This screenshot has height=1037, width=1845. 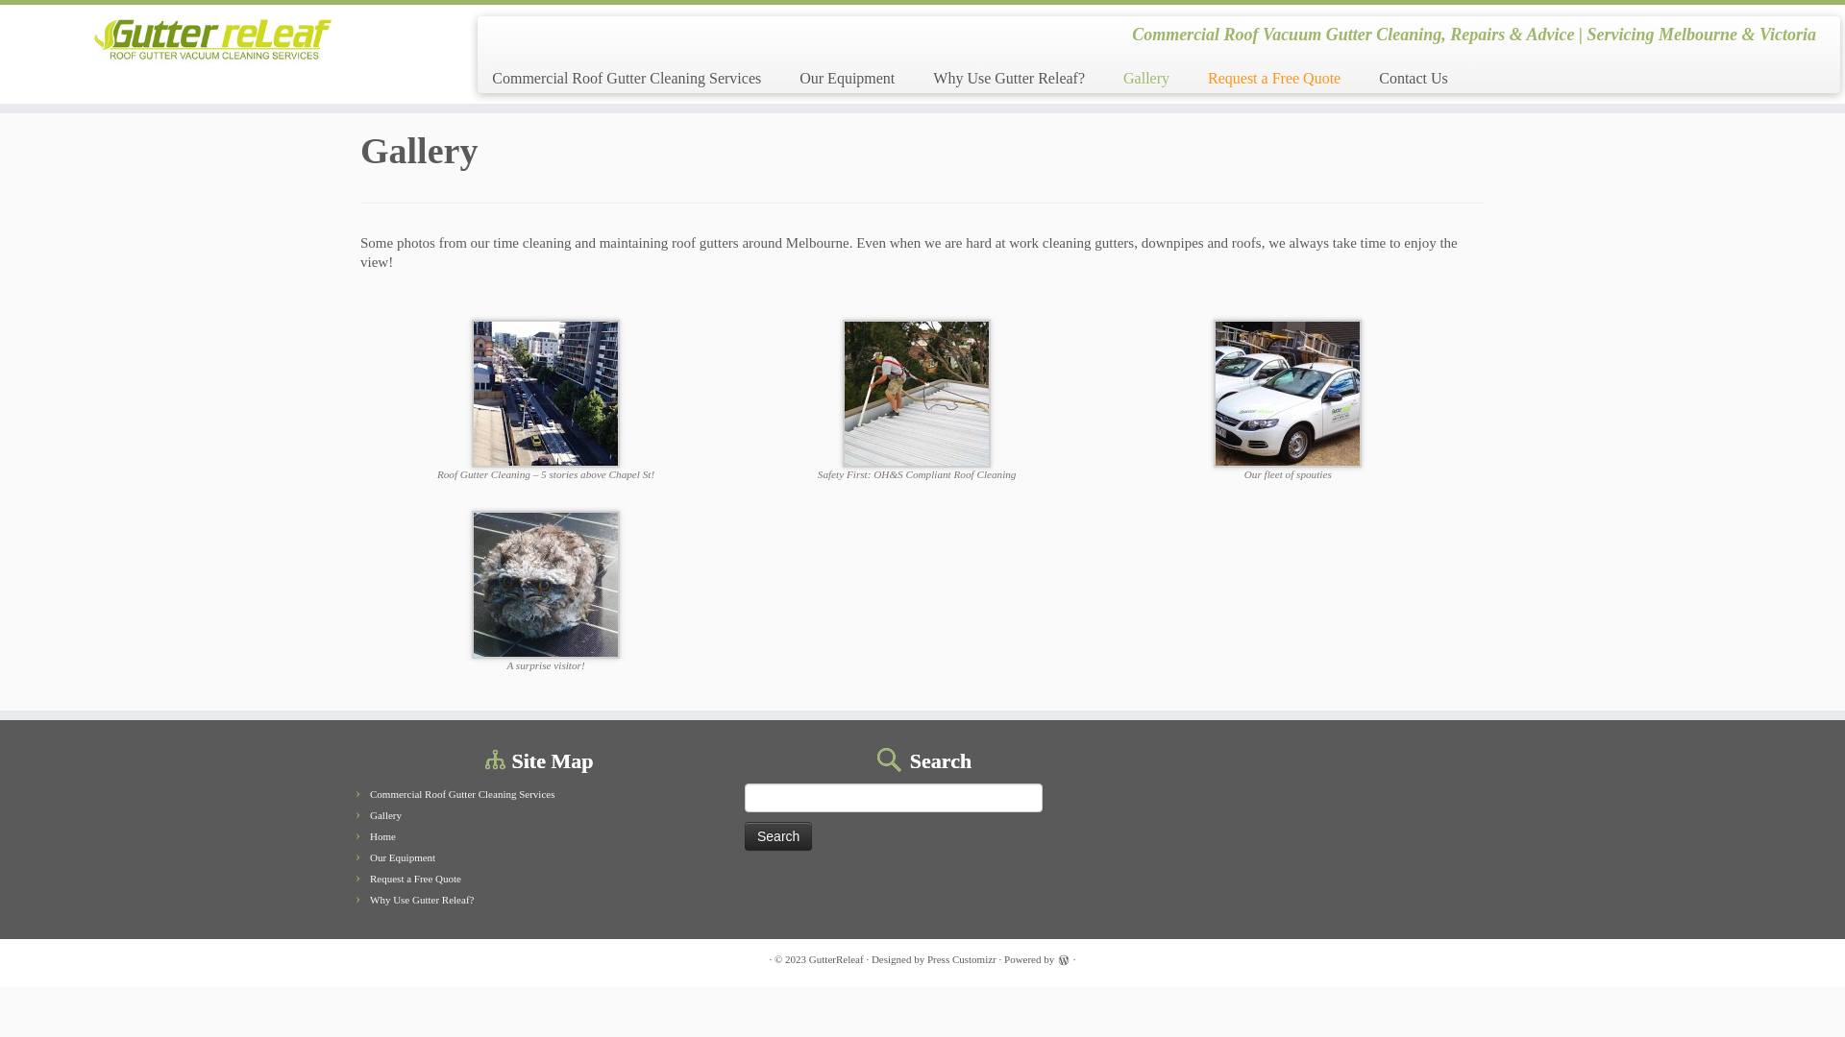 I want to click on 'Request a Free Quote', so click(x=1273, y=77).